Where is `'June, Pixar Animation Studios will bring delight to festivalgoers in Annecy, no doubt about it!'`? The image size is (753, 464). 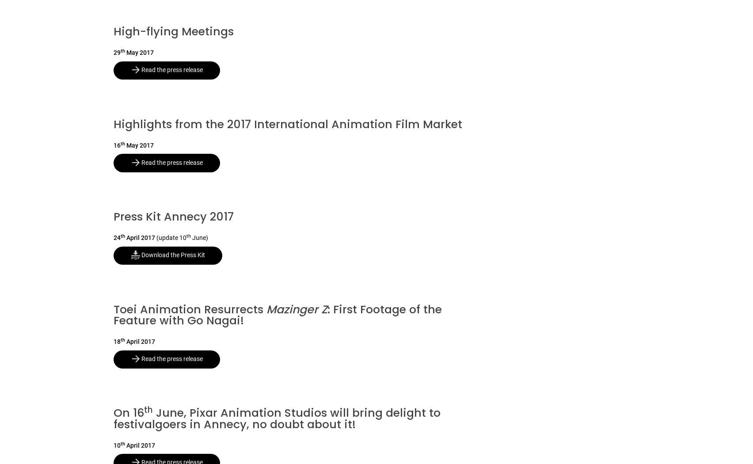
'June, Pixar Animation Studios will bring delight to festivalgoers in Annecy, no doubt about it!' is located at coordinates (277, 418).